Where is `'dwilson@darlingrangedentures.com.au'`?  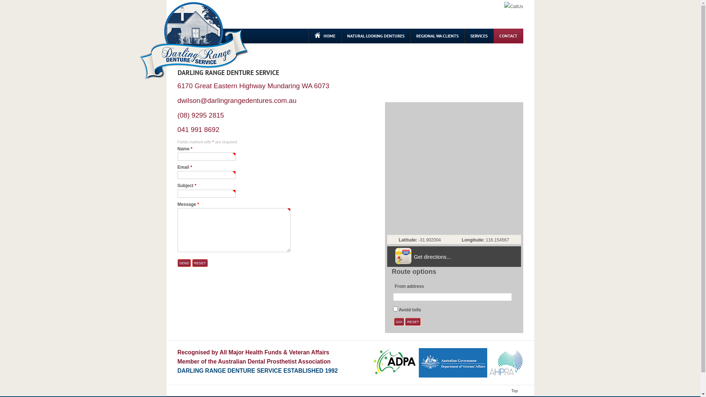 'dwilson@darlingrangedentures.com.au' is located at coordinates (236, 100).